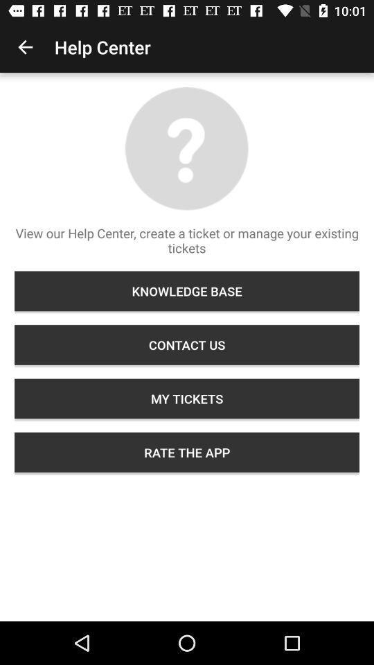 The width and height of the screenshot is (374, 665). I want to click on contact us, so click(187, 344).